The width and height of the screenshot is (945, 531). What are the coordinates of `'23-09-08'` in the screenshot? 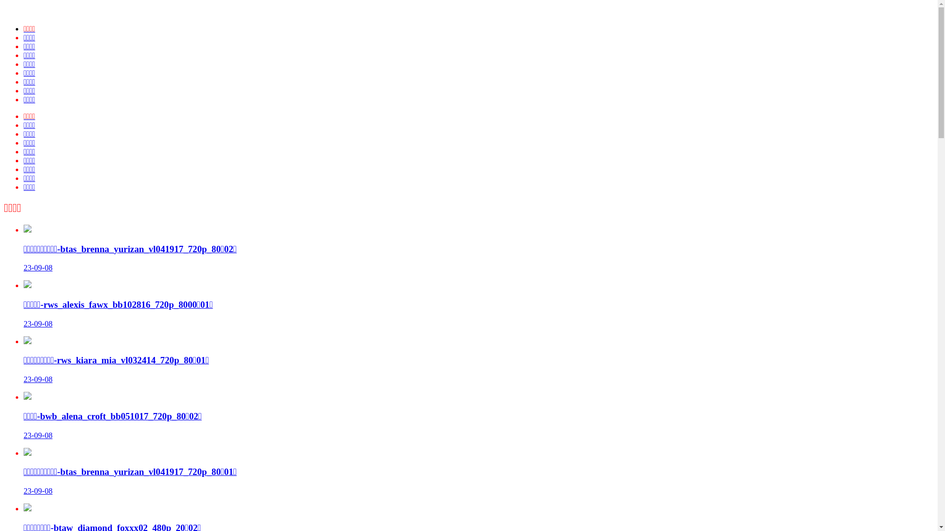 It's located at (38, 267).